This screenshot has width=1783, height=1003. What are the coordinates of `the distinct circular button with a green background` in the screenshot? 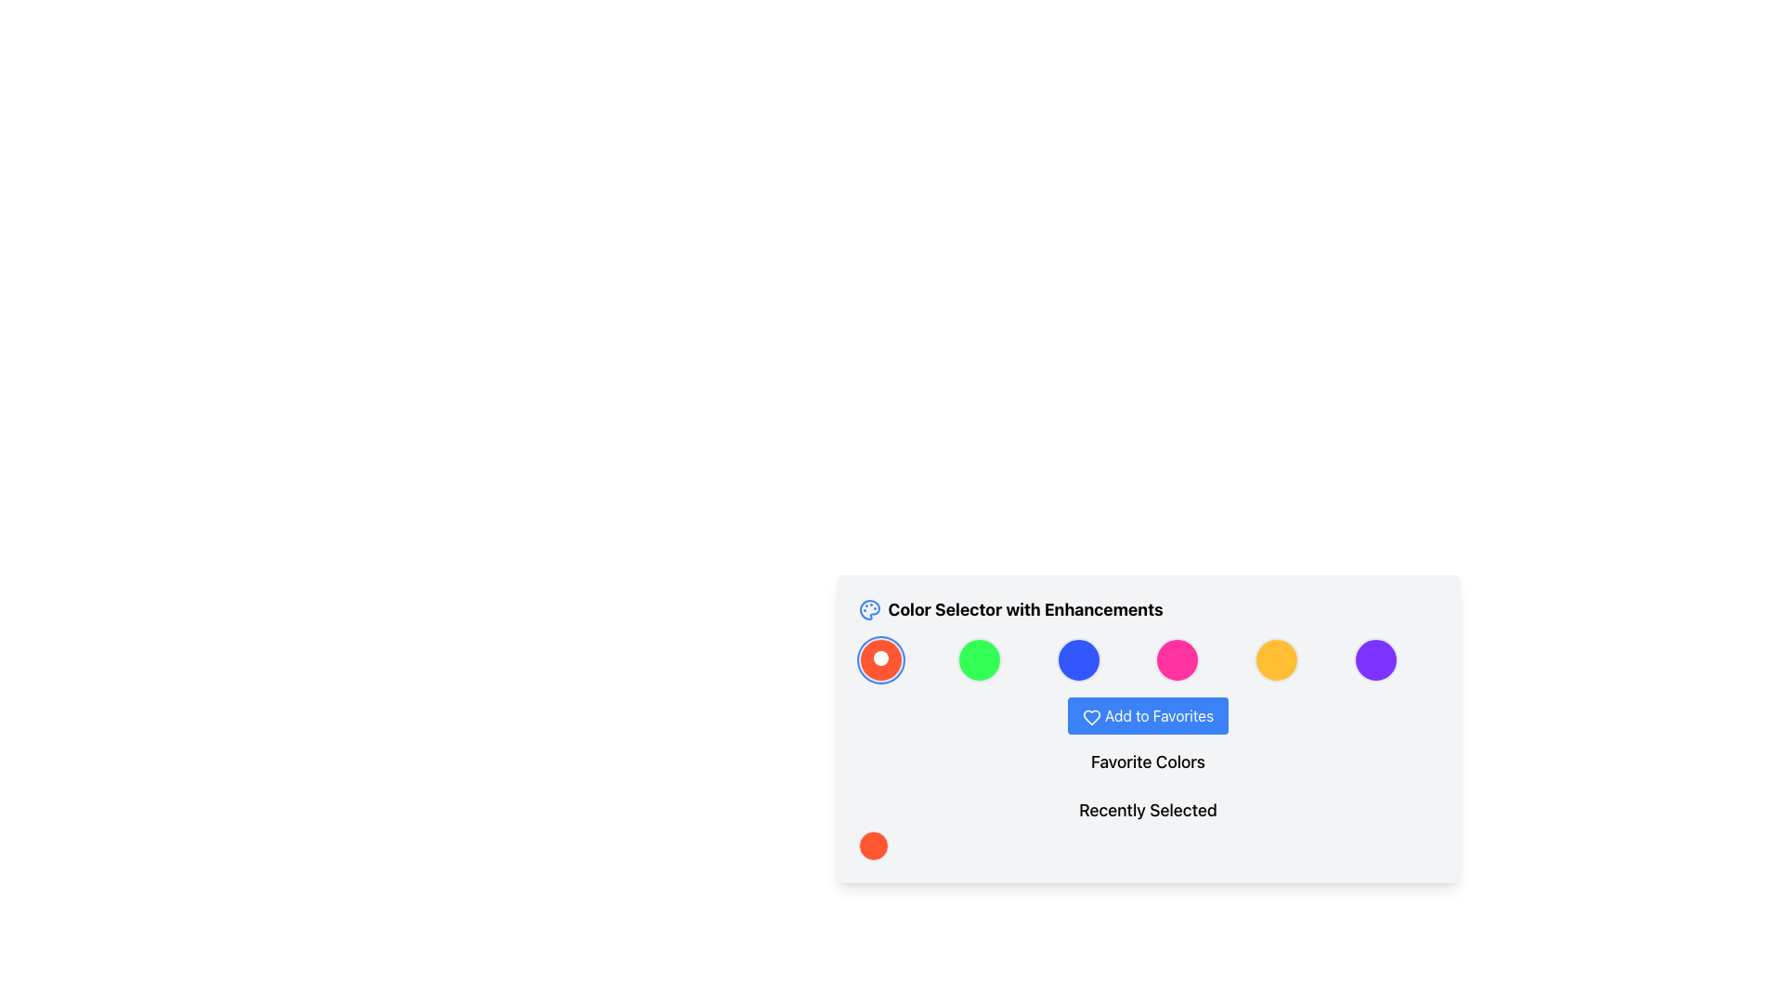 It's located at (979, 658).